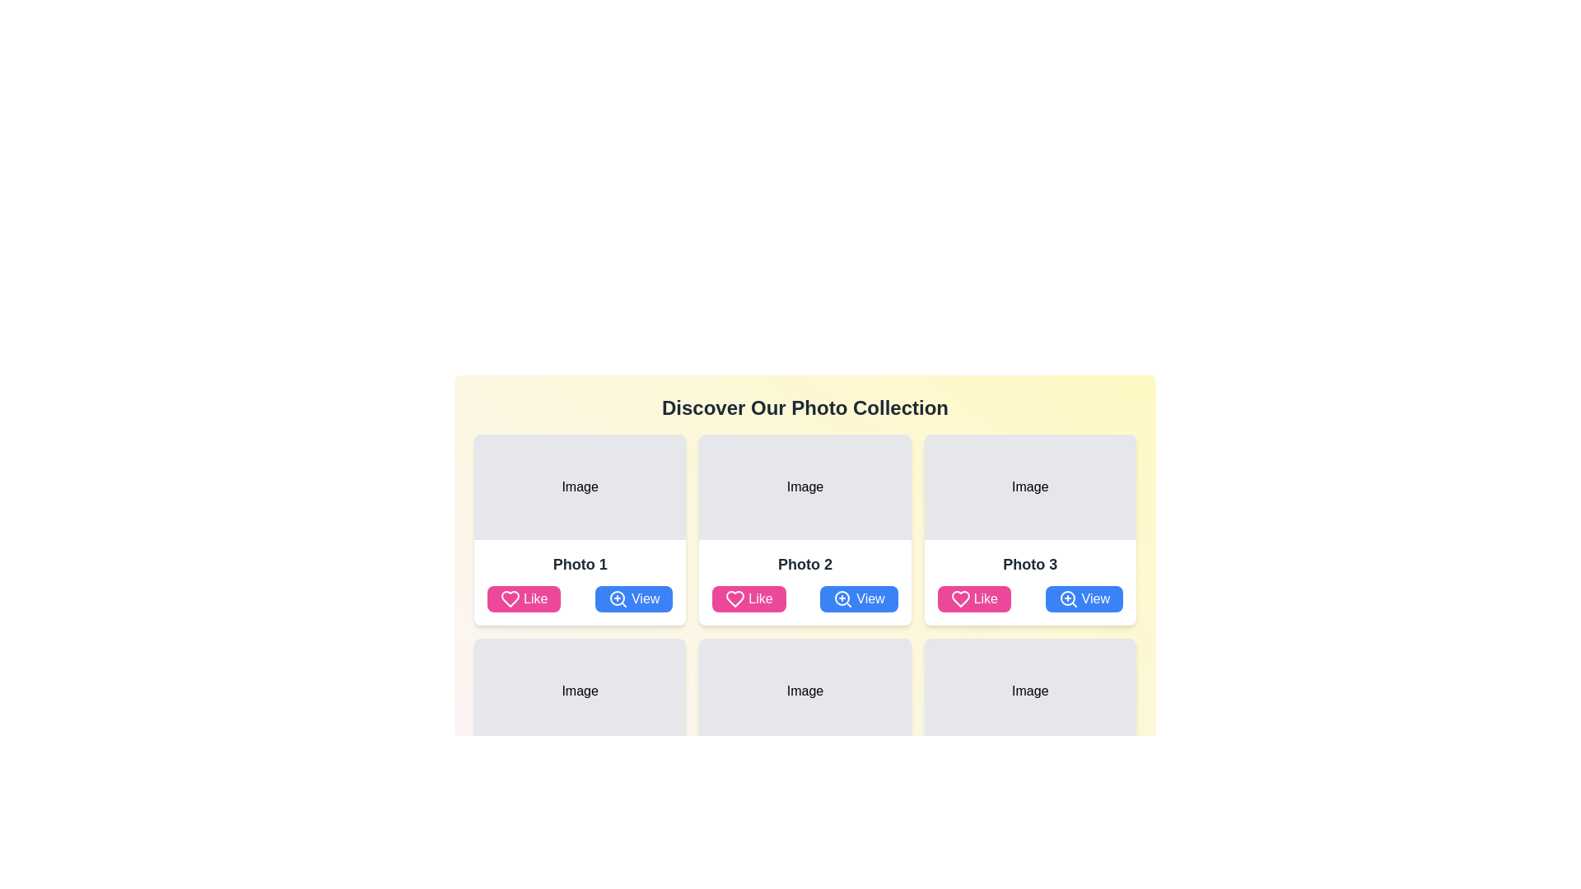 The width and height of the screenshot is (1581, 889). I want to click on the pink 'Like' button with a white heart icon to like the photo located below Photo 1 in the gallery layout, so click(523, 599).